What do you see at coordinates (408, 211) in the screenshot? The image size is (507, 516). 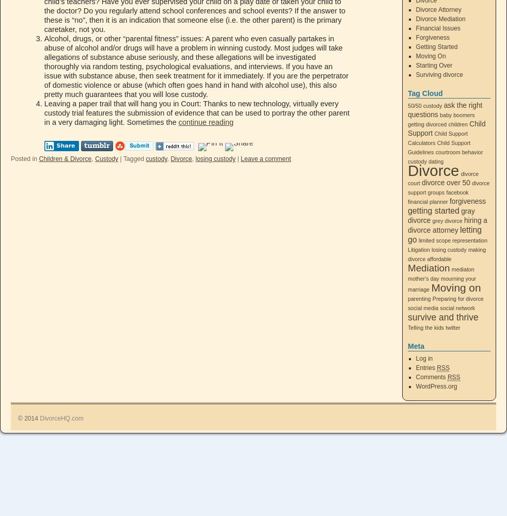 I see `'getting started'` at bounding box center [408, 211].